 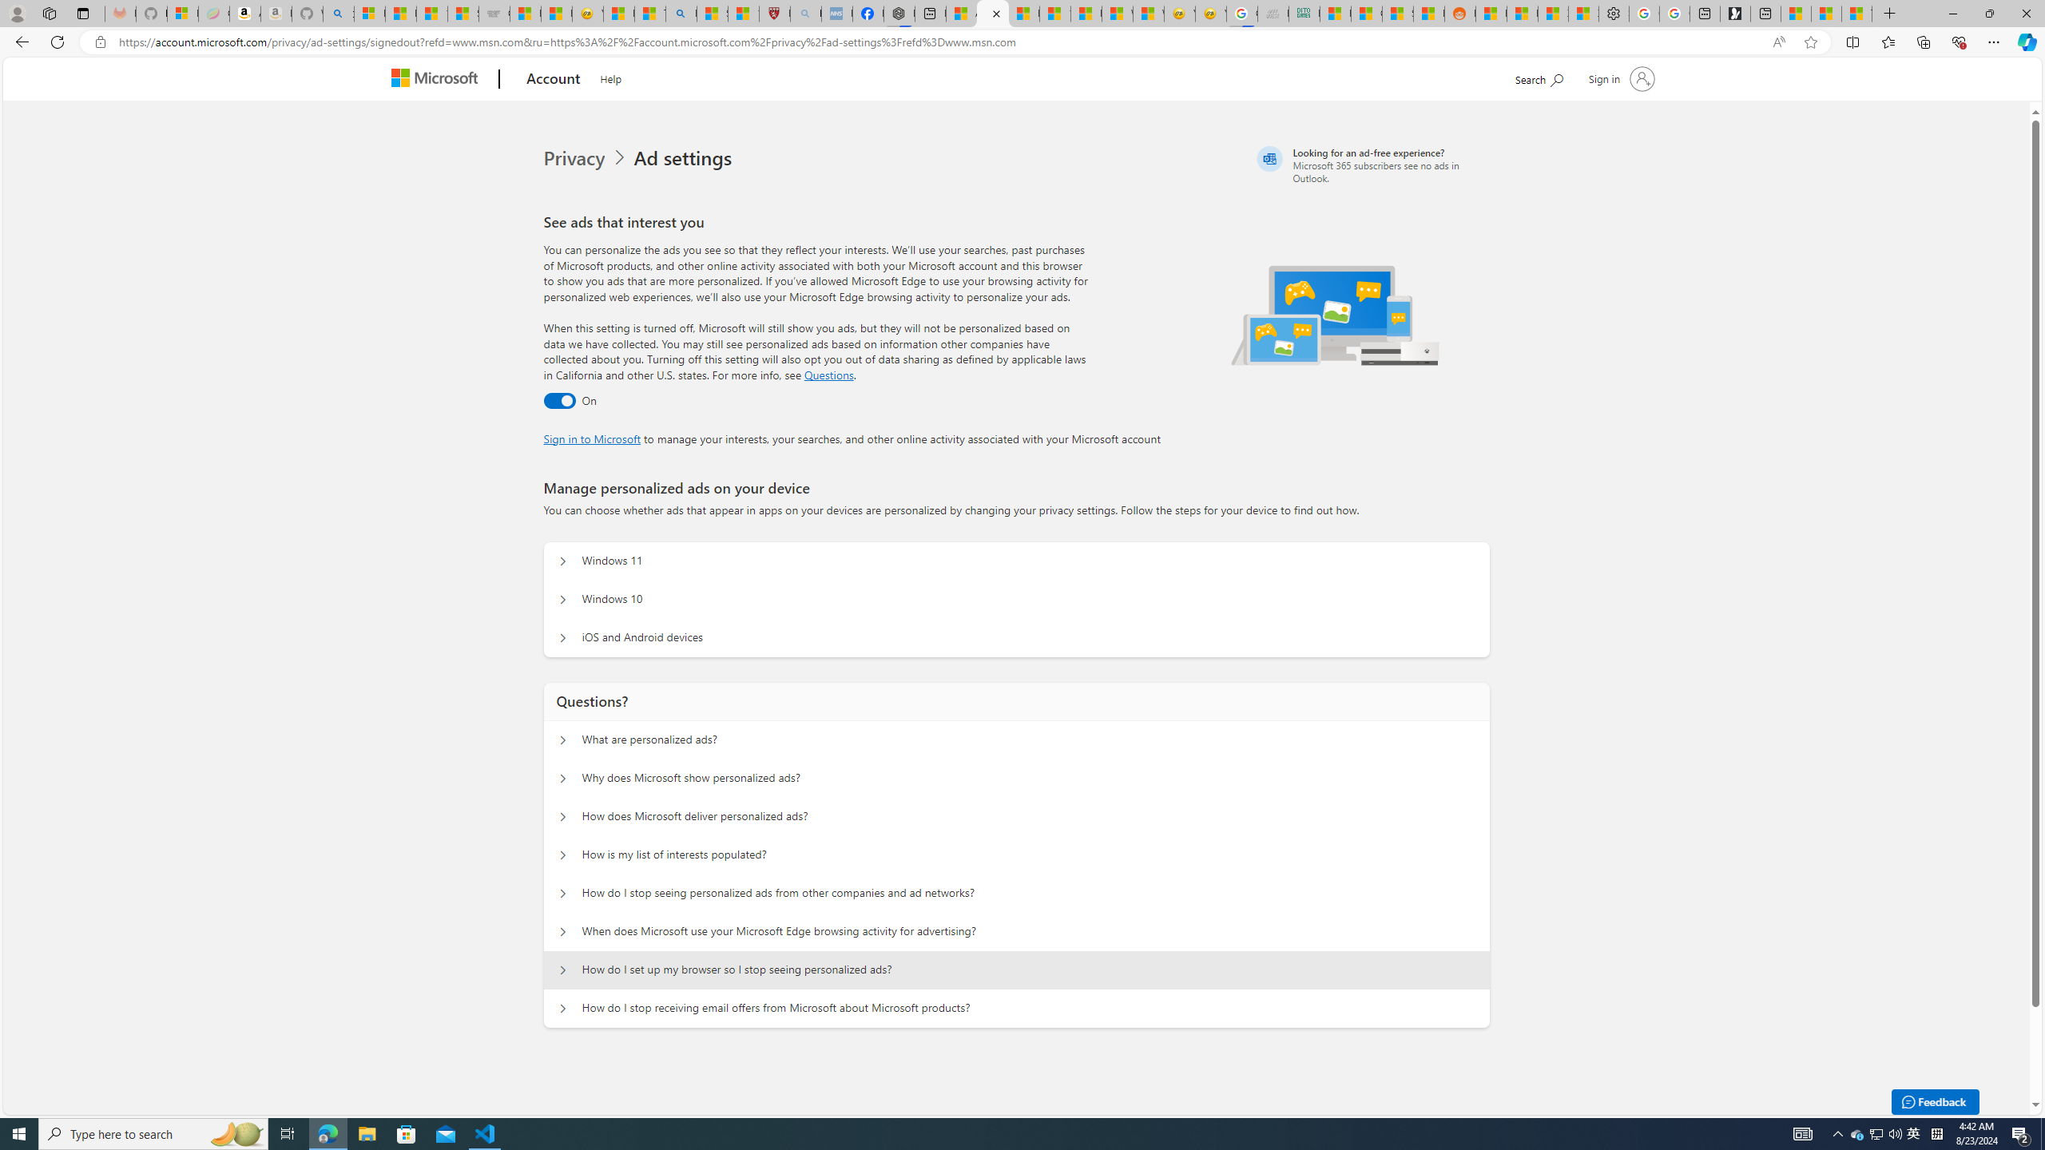 I want to click on 'Account', so click(x=553, y=79).